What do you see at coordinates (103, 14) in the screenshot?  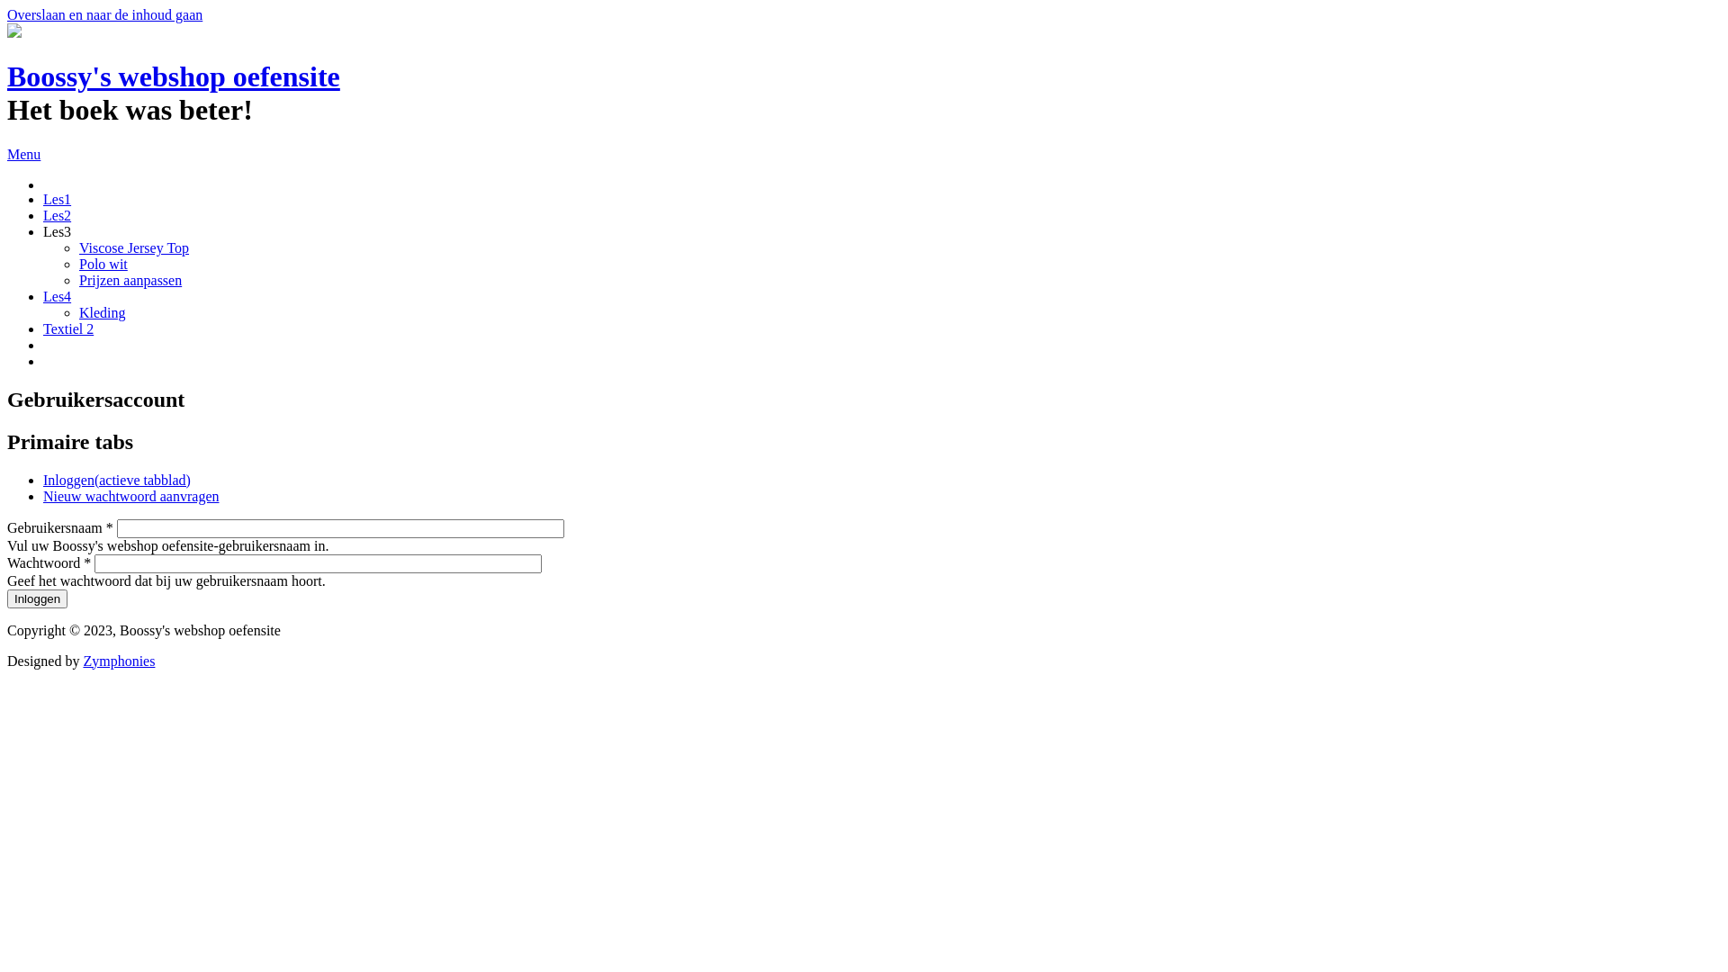 I see `'Overslaan en naar de inhoud gaan'` at bounding box center [103, 14].